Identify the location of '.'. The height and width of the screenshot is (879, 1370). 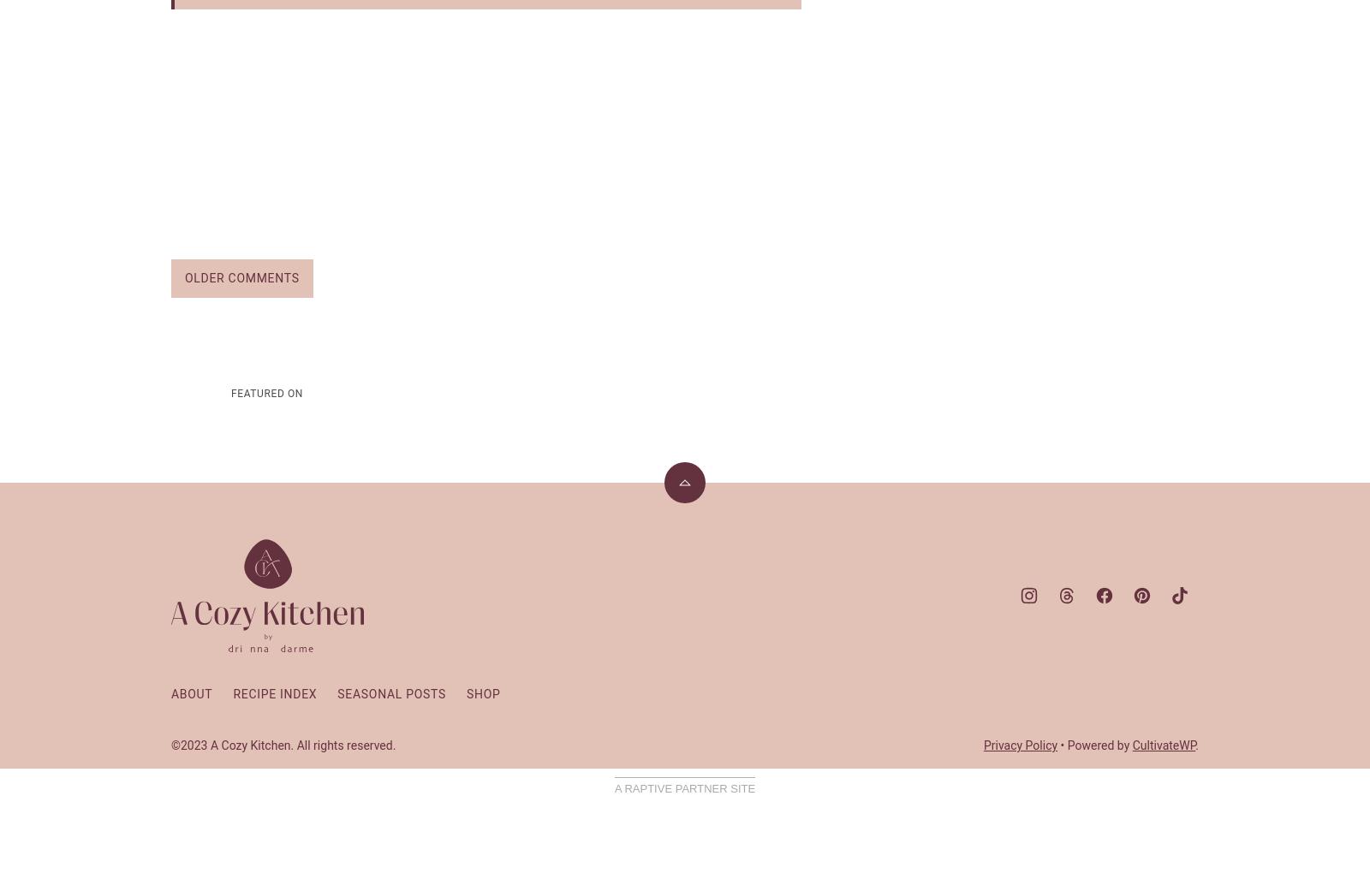
(1196, 743).